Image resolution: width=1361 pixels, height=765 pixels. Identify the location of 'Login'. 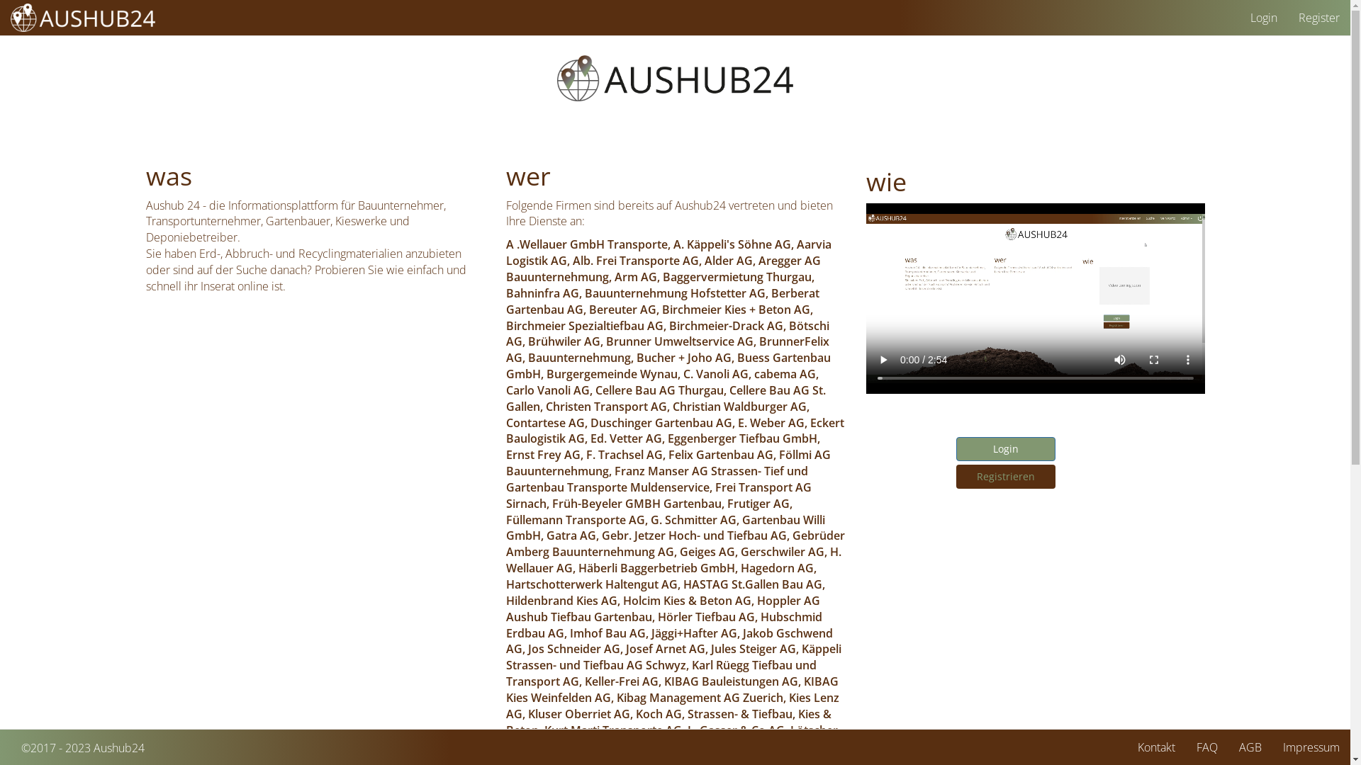
(1238, 17).